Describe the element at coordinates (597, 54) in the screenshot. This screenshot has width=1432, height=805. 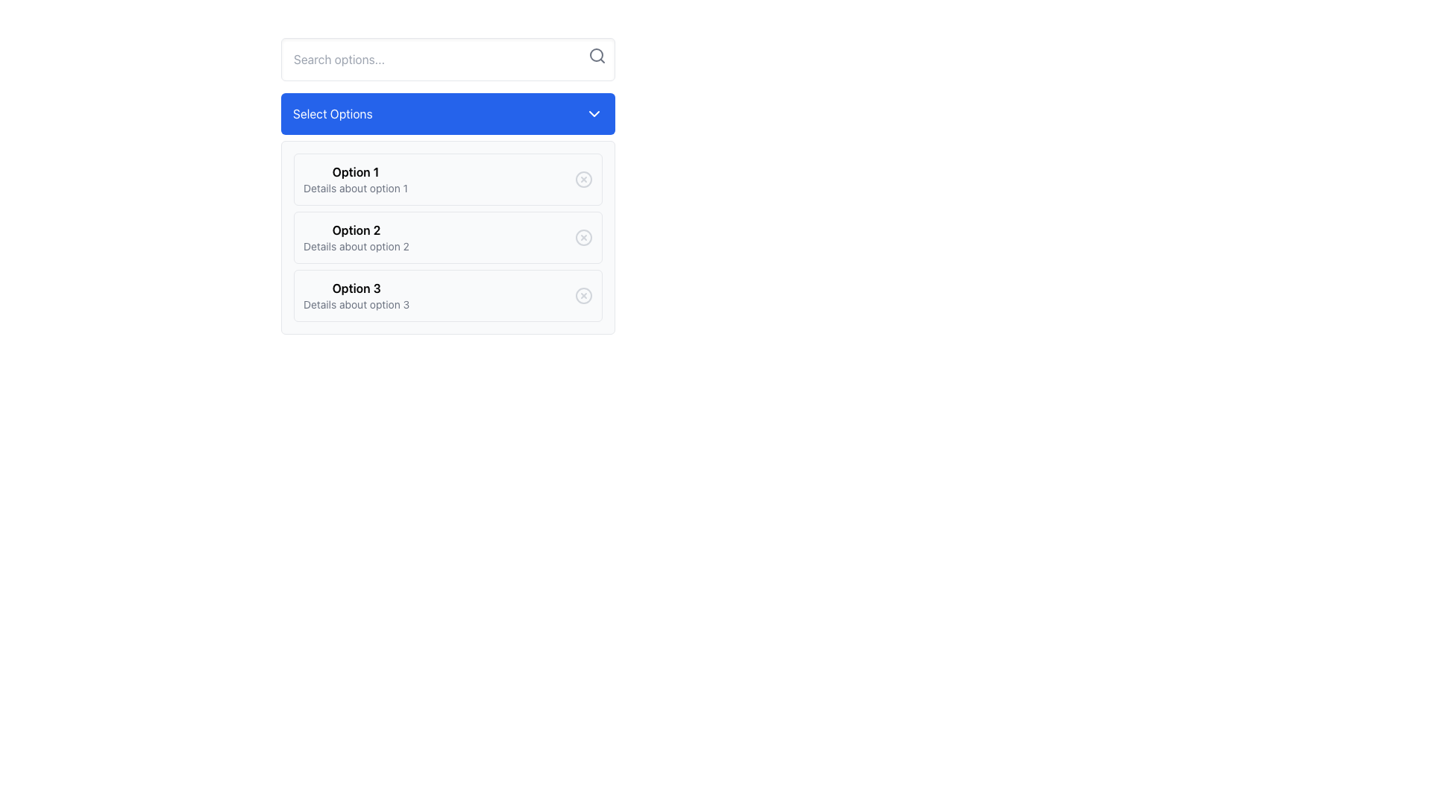
I see `the search icon located at the rightmost edge of the input field with placeholder text 'Search options...'` at that location.